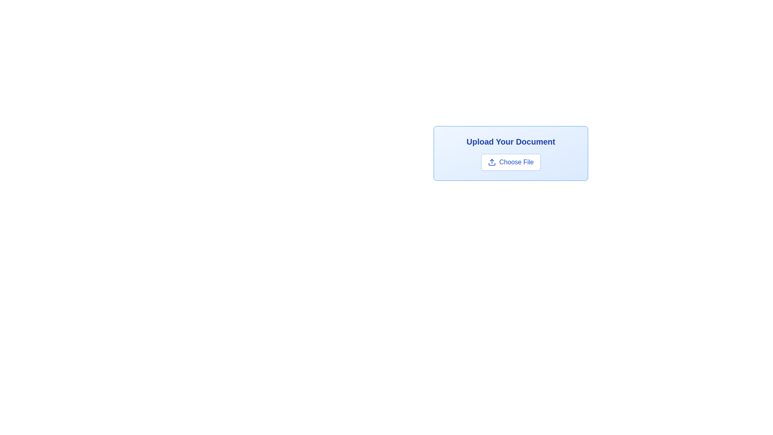 The image size is (773, 435). Describe the element at coordinates (492, 162) in the screenshot. I see `the upload icon located to the left of the 'Choose File' button` at that location.